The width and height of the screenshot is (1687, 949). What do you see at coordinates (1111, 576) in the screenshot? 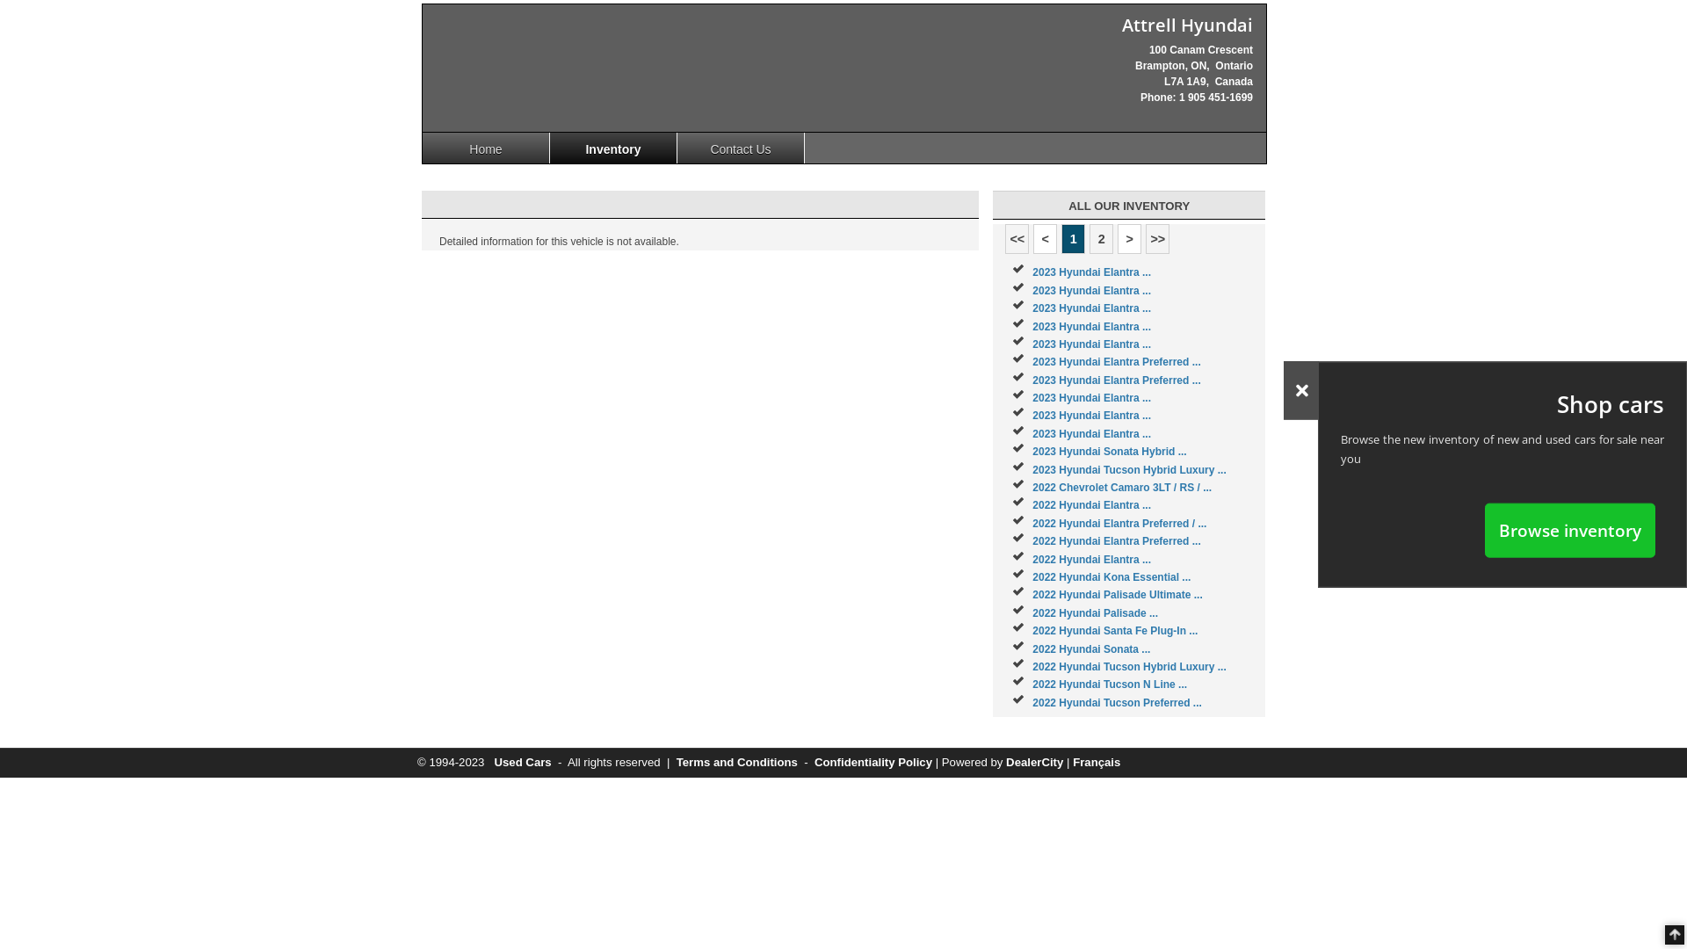
I see `'2022 Hyundai Kona Essential ...'` at bounding box center [1111, 576].